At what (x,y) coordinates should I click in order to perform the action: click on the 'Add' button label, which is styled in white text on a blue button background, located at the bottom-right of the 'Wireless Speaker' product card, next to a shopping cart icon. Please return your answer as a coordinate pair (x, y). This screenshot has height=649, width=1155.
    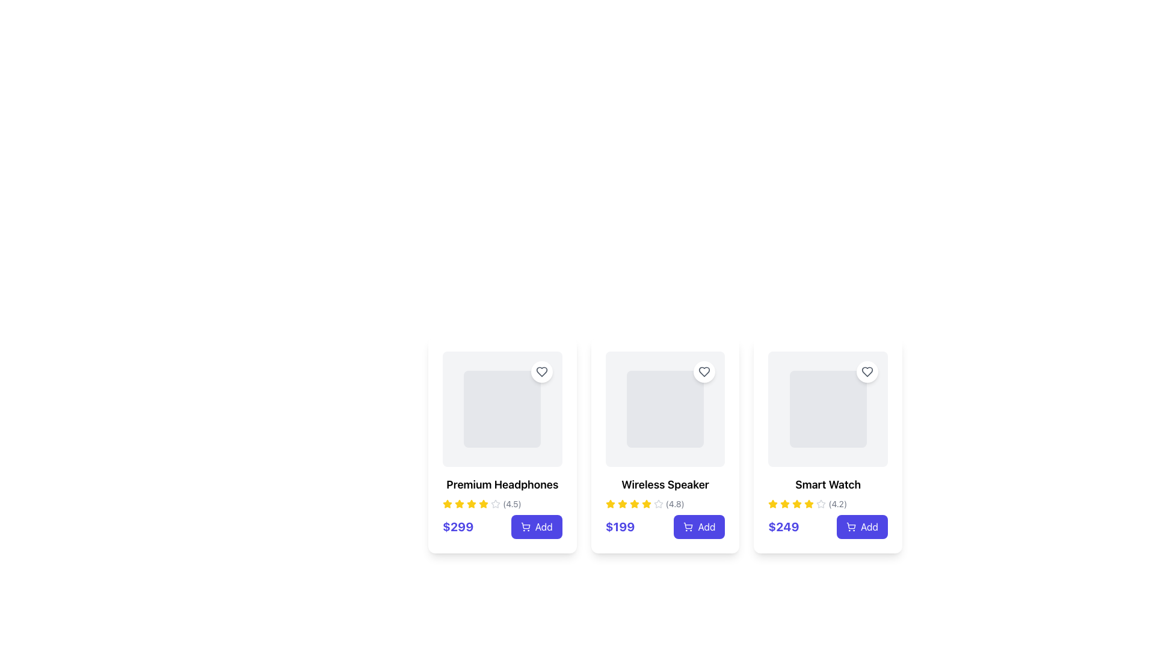
    Looking at the image, I should click on (706, 526).